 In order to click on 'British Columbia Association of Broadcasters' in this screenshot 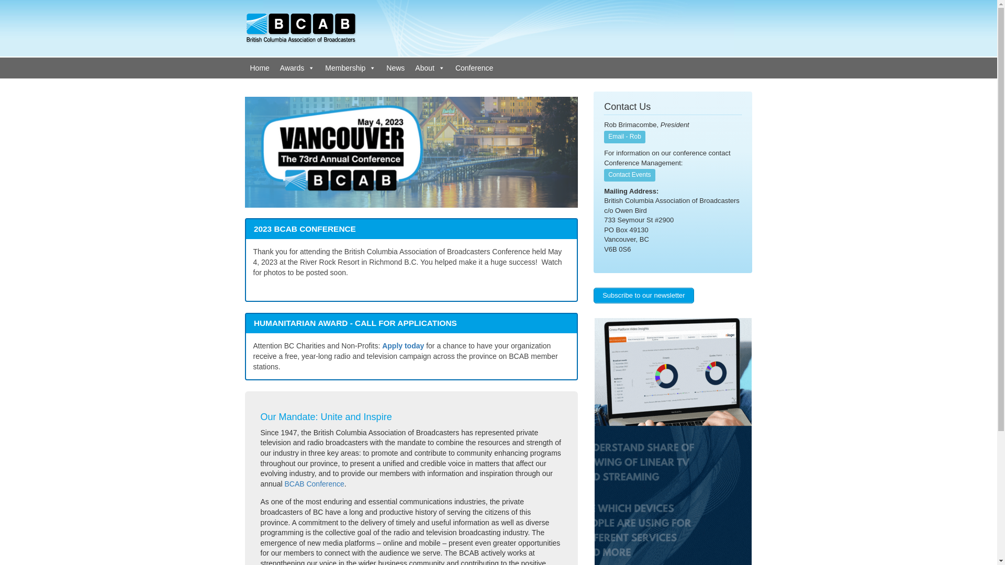, I will do `click(300, 27)`.